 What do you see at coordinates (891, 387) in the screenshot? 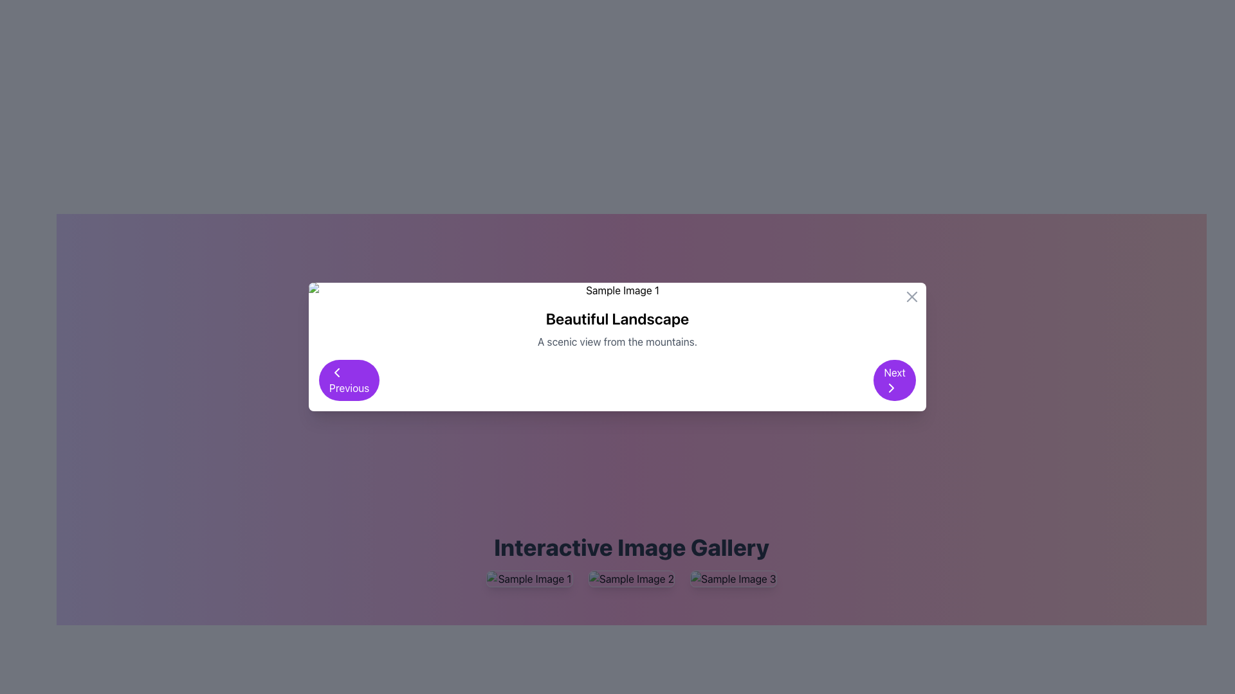
I see `the chevron icon located at the bottom right corner of the 'Next' button, which indicates progression or navigation to the next item` at bounding box center [891, 387].